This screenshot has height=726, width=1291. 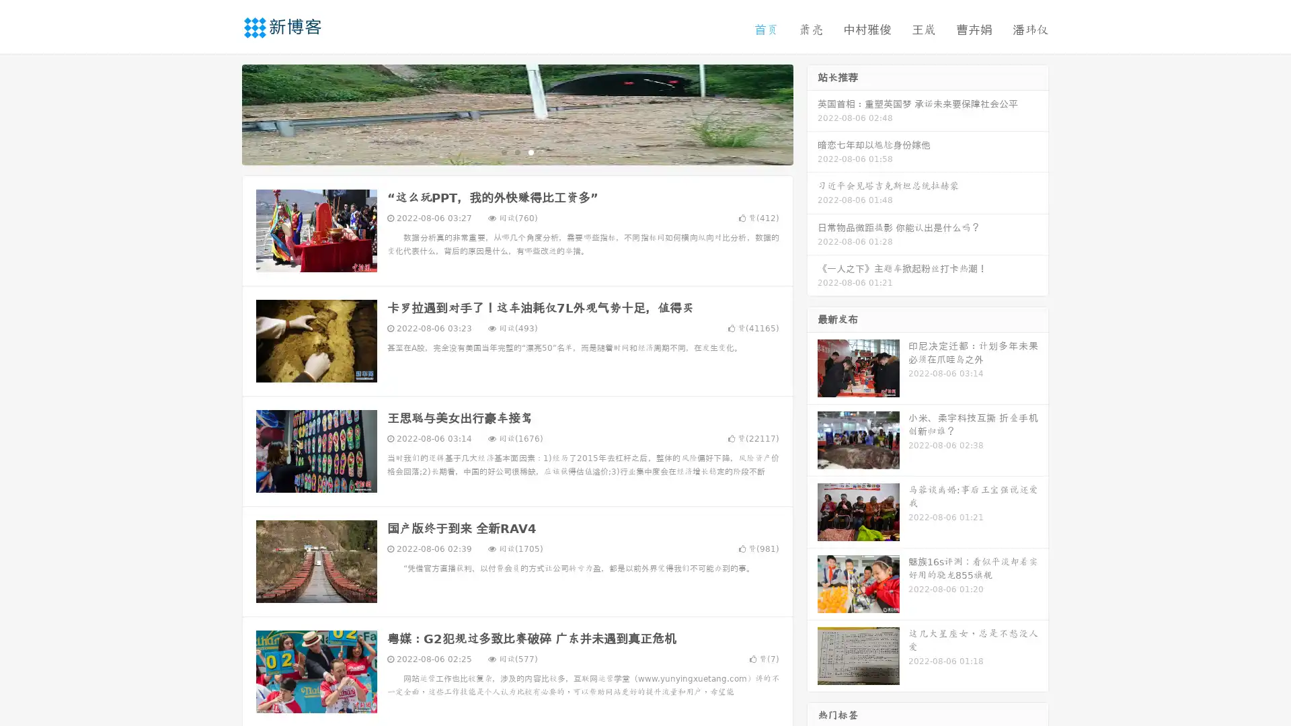 I want to click on Previous slide, so click(x=222, y=113).